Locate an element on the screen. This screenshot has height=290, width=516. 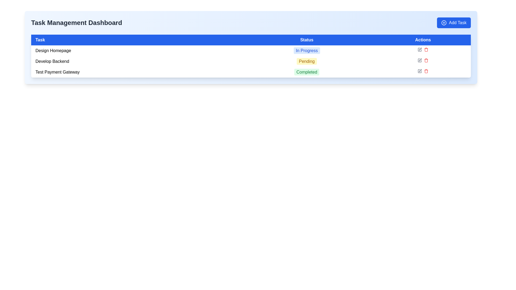
the Delete Action Icon, which is the second icon in the action column of the third row in the table is located at coordinates (426, 60).